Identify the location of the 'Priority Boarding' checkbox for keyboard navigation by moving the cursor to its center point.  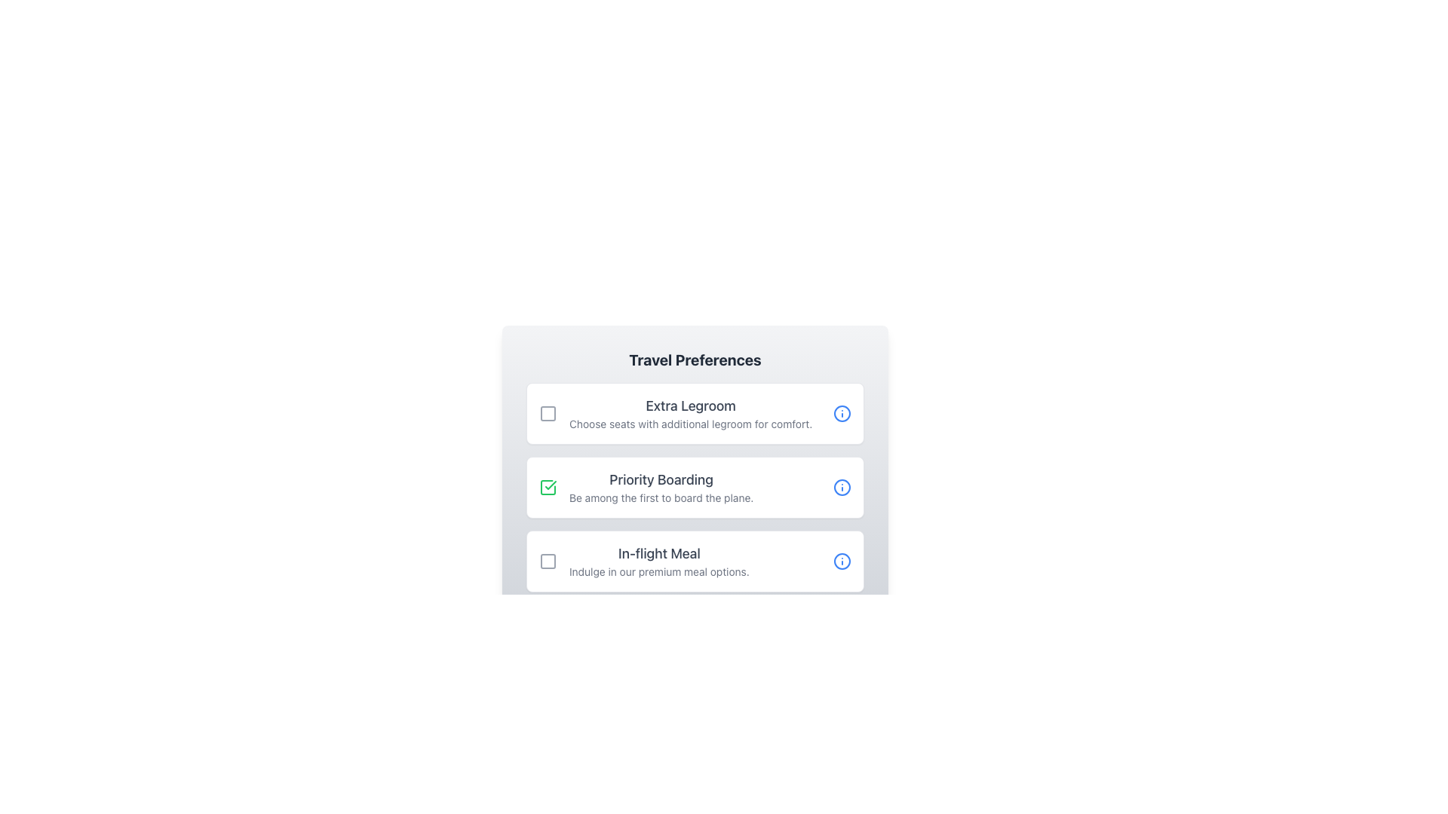
(547, 488).